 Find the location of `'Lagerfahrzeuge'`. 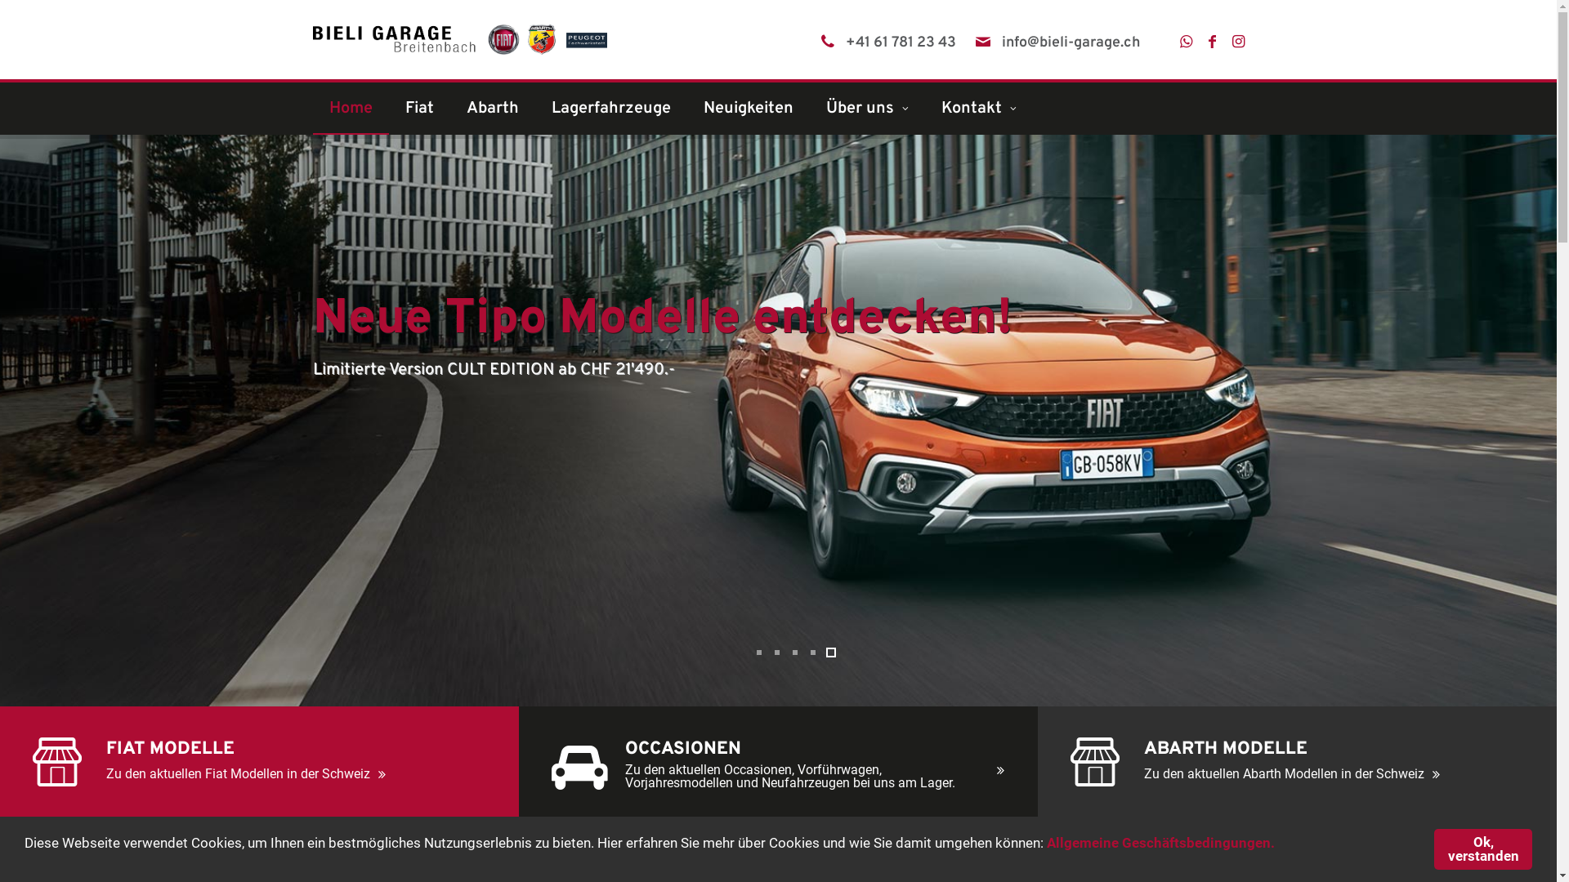

'Lagerfahrzeuge' is located at coordinates (610, 108).